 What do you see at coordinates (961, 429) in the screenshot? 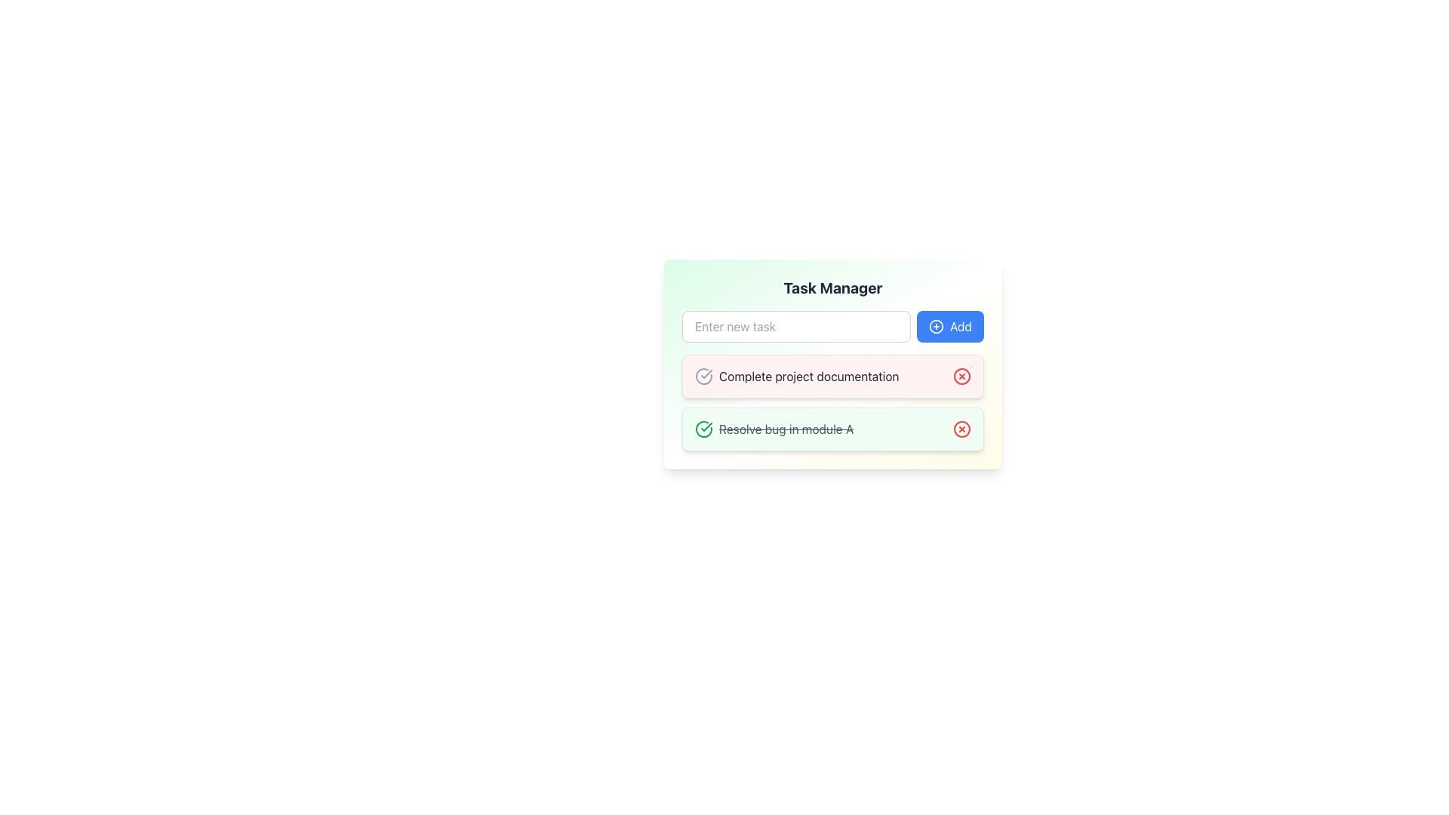
I see `circle element located within the graphical close icon for the second task entry, which represents the action to resolve a bug in module A` at bounding box center [961, 429].